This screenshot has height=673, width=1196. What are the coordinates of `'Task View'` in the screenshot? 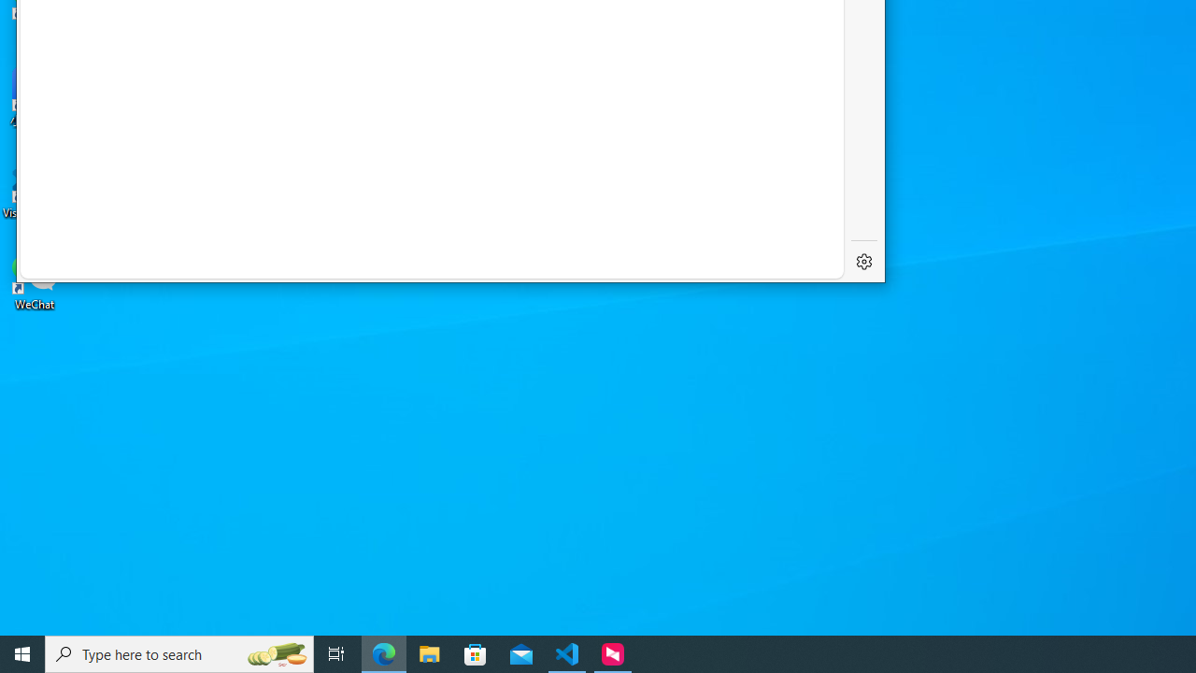 It's located at (335, 652).